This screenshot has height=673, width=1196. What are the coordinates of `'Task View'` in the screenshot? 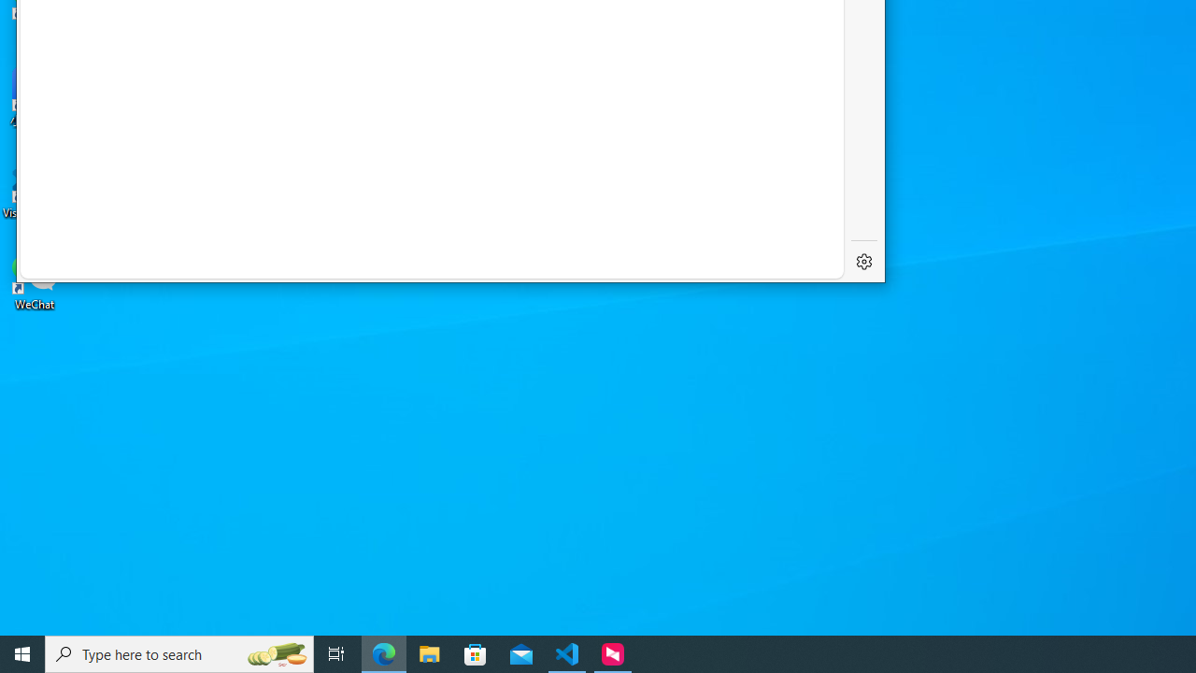 It's located at (335, 652).